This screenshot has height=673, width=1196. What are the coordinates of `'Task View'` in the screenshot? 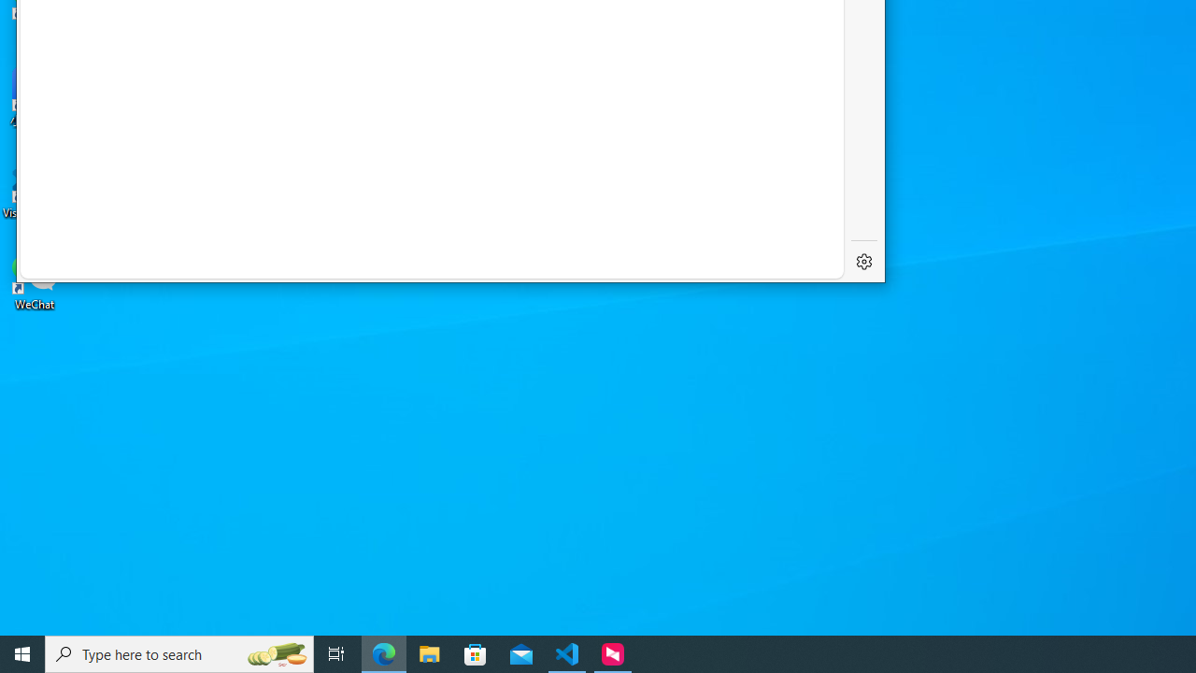 It's located at (335, 652).